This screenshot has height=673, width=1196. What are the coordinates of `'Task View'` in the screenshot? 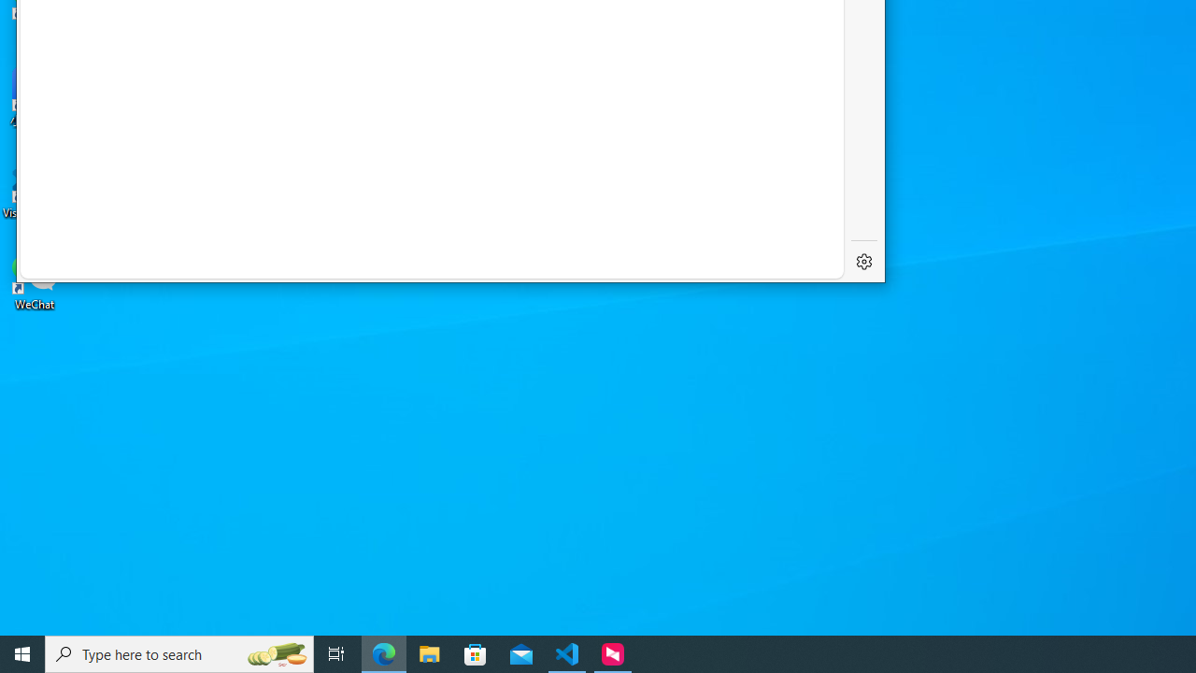 It's located at (335, 652).